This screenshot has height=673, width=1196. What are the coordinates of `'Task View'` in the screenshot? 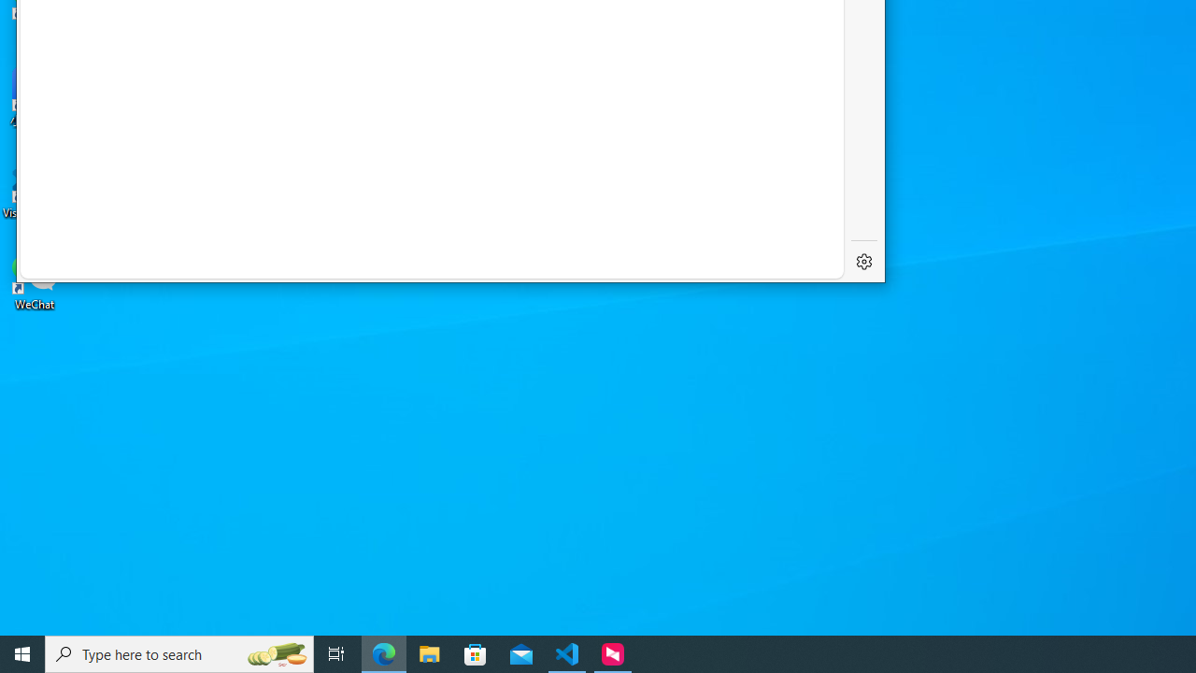 It's located at (335, 652).